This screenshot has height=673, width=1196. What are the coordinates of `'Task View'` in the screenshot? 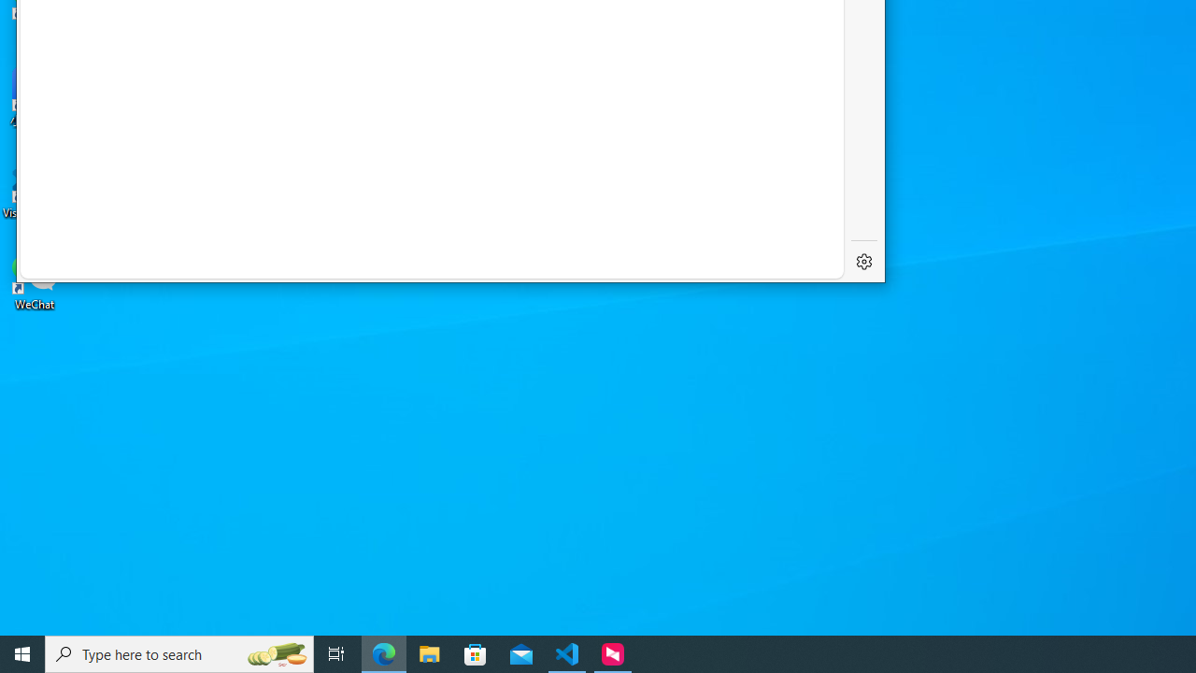 It's located at (335, 652).